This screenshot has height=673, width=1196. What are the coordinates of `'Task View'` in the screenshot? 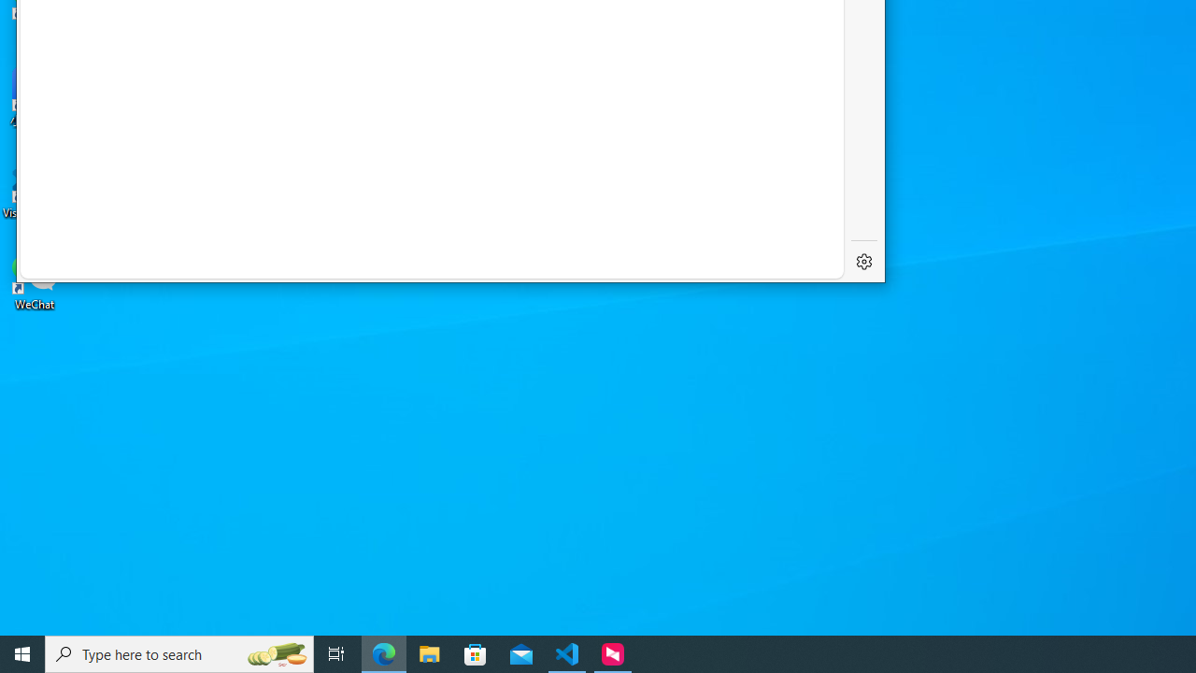 It's located at (335, 652).